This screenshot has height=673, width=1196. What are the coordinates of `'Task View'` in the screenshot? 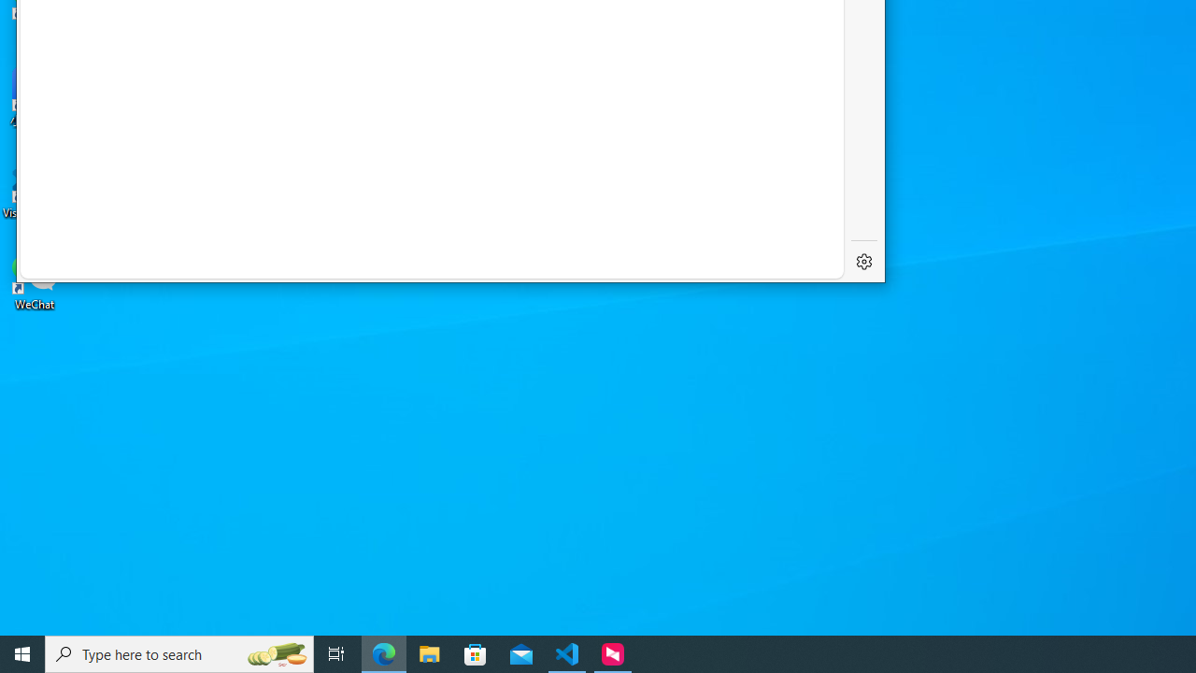 It's located at (335, 652).